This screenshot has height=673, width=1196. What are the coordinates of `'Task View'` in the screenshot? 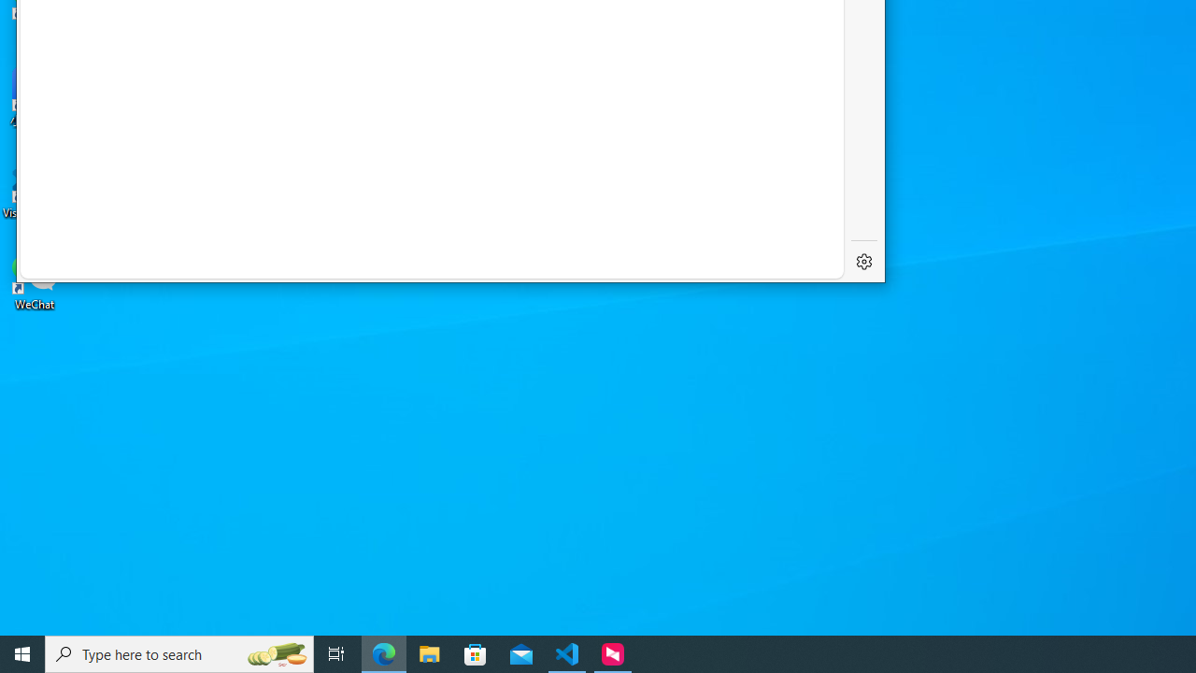 It's located at (335, 652).